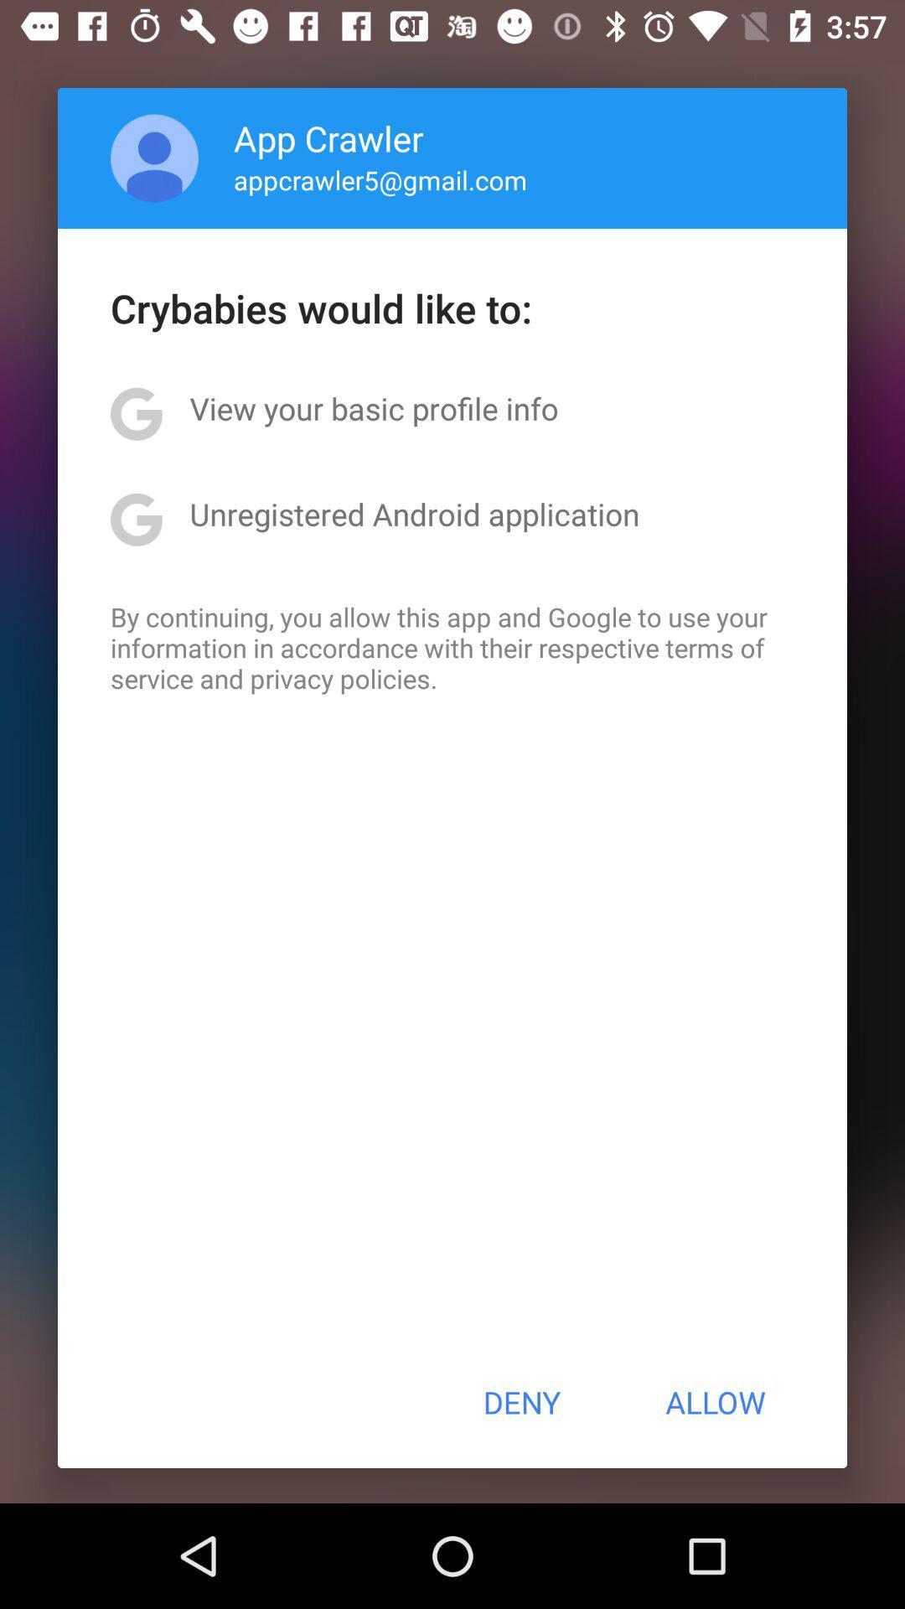  Describe the element at coordinates (154, 158) in the screenshot. I see `item next to the app crawler app` at that location.